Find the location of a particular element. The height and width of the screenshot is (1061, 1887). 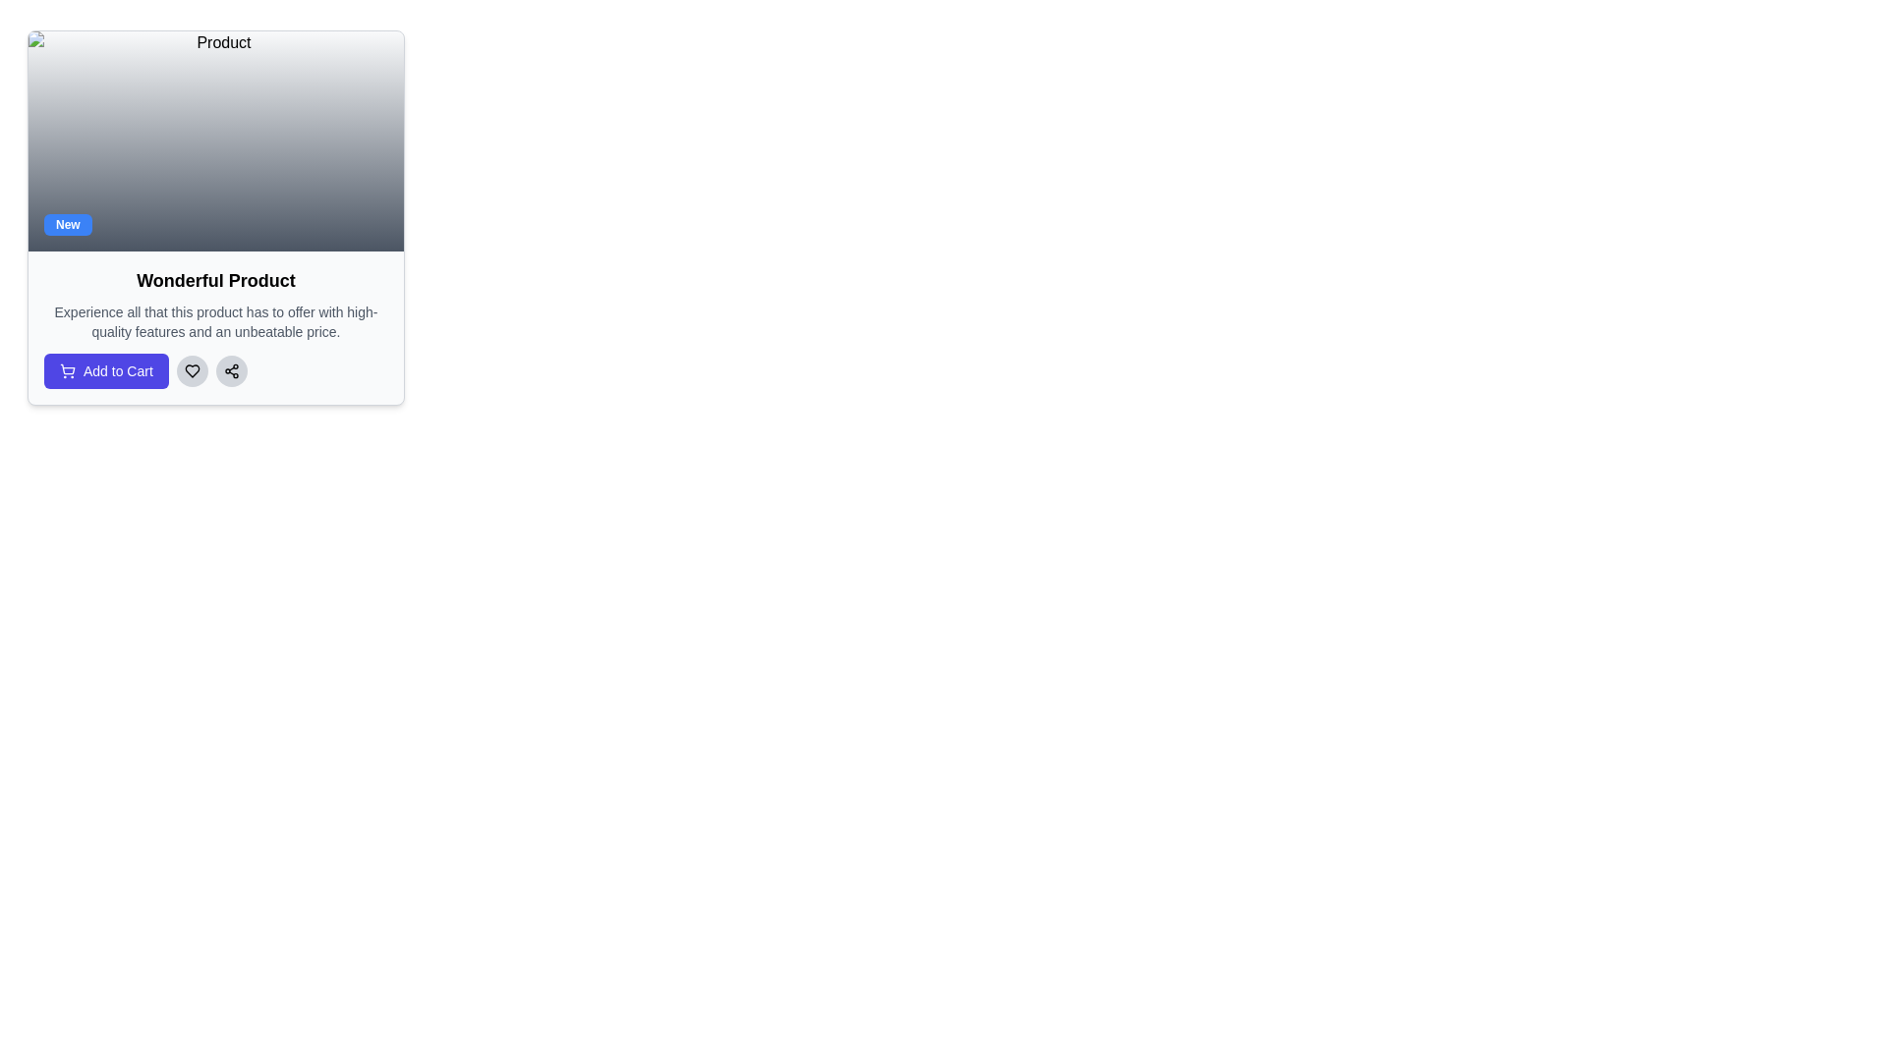

the share icon, which is represented by three circles connected by lines in a black outline on a light gray circular background, located in the bottom section of a product card is located at coordinates (231, 371).